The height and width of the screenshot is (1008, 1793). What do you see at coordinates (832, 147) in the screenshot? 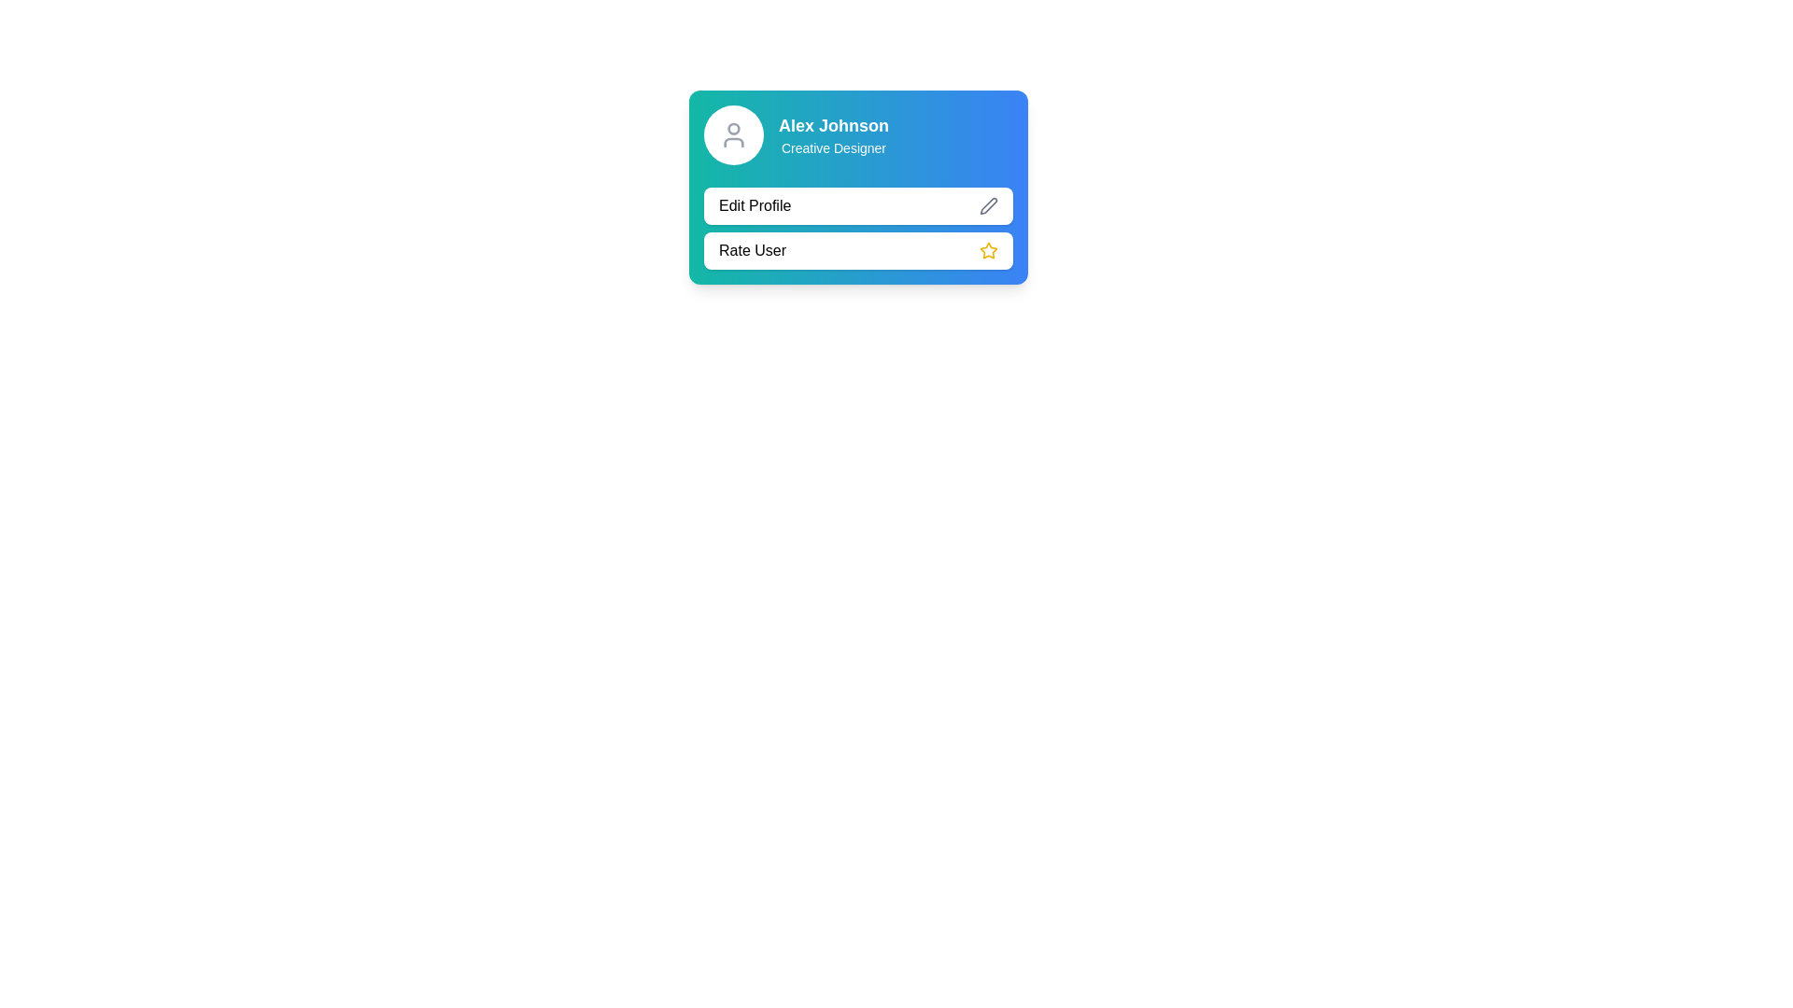
I see `the static text element indicating the role 'Creative Designer' located beneath 'Alex Johnson' at the center of the card` at bounding box center [832, 147].